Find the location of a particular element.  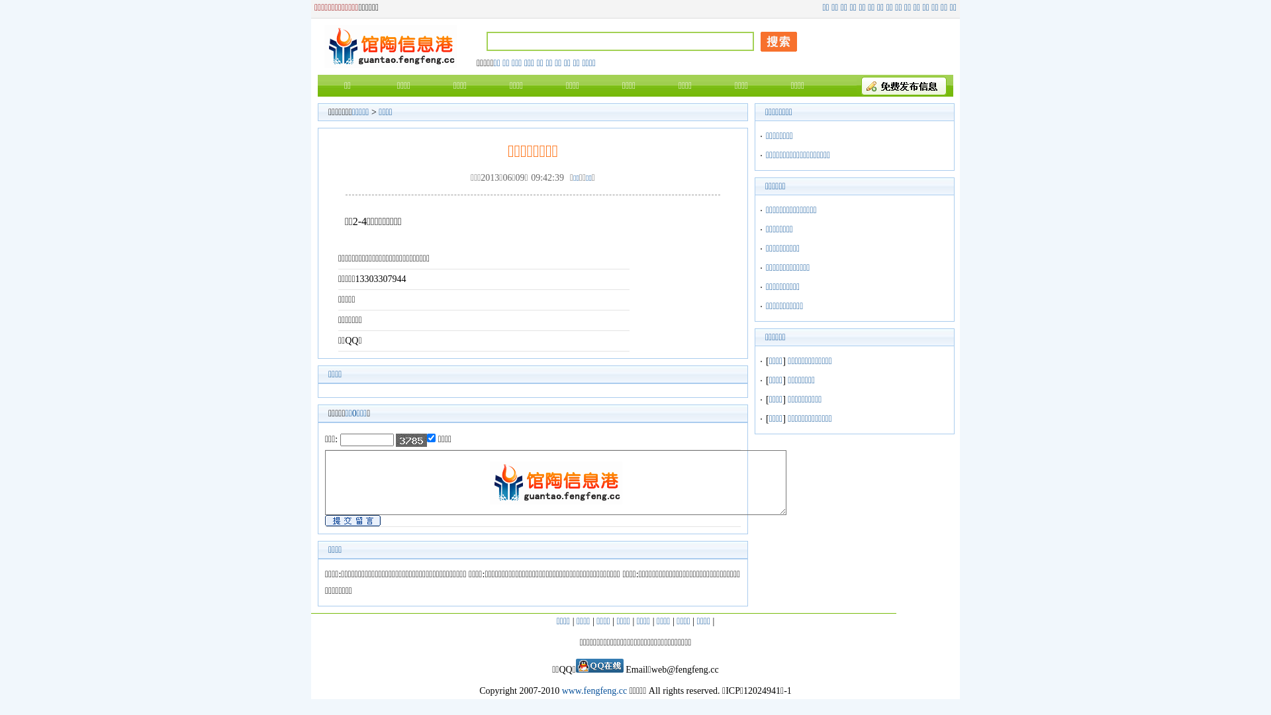

'www.fengfeng.cc' is located at coordinates (594, 690).